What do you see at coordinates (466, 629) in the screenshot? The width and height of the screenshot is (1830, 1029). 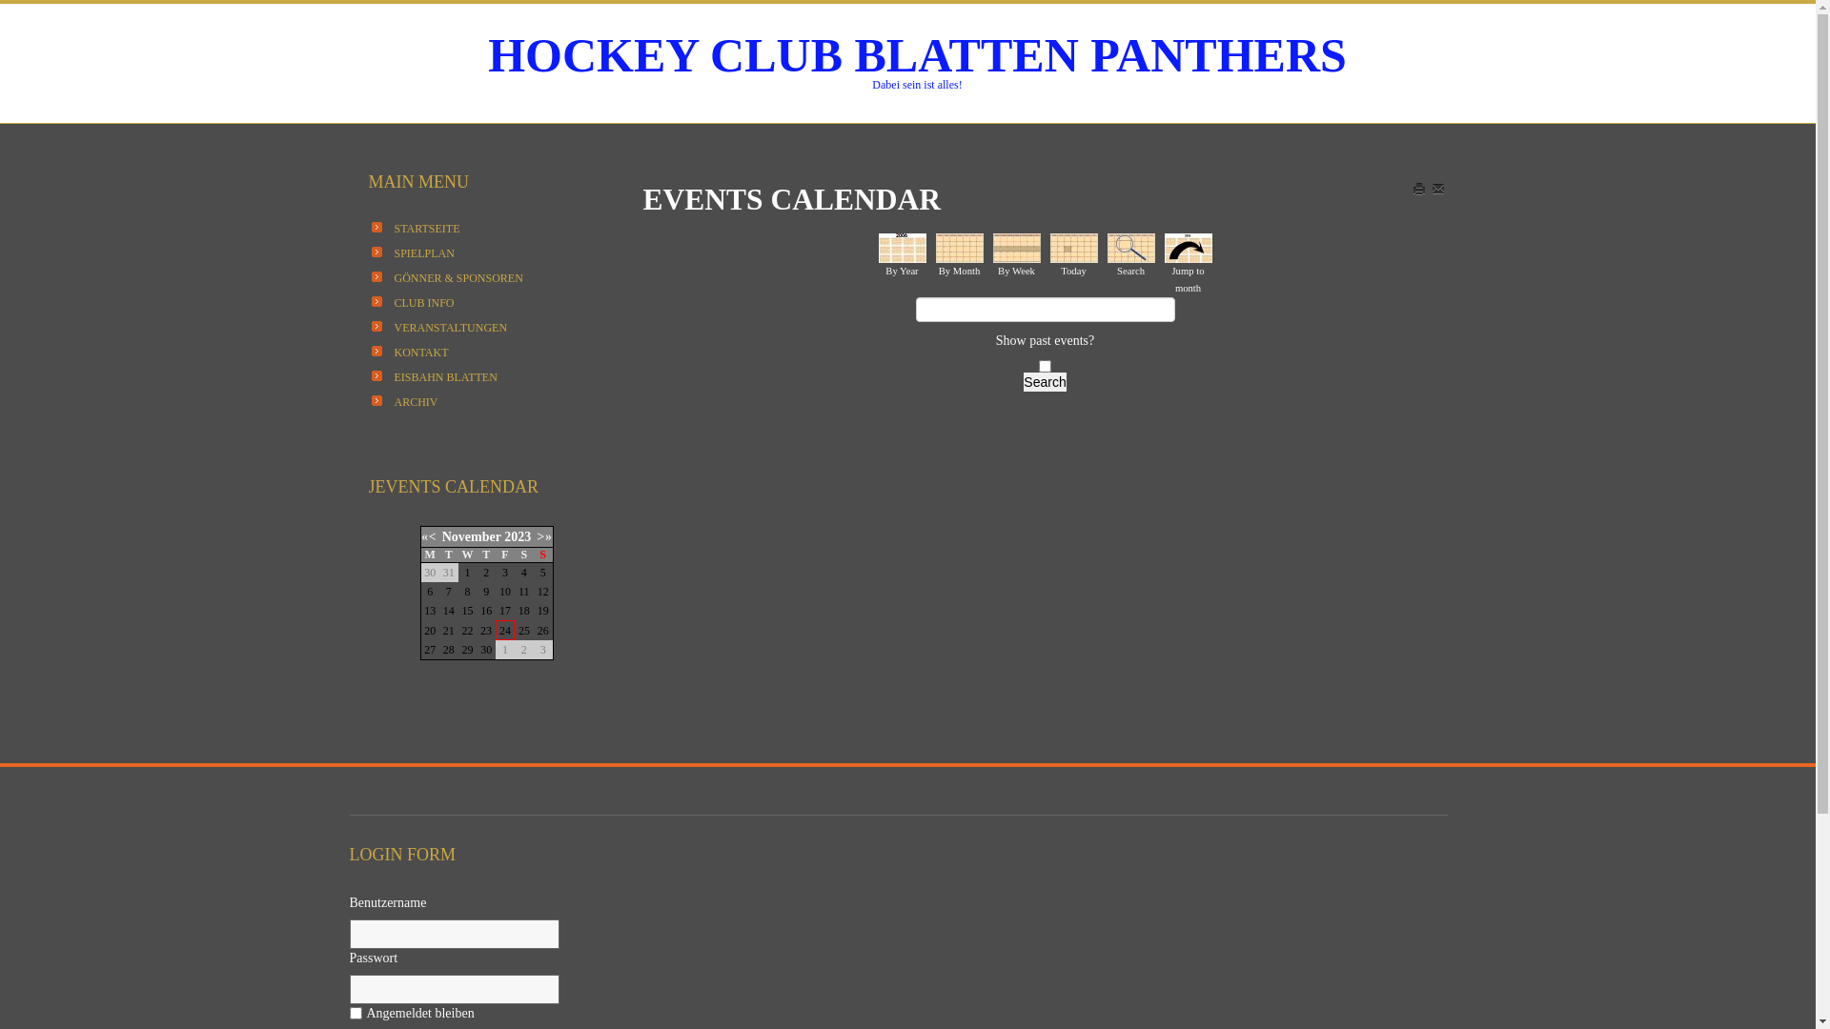 I see `'22'` at bounding box center [466, 629].